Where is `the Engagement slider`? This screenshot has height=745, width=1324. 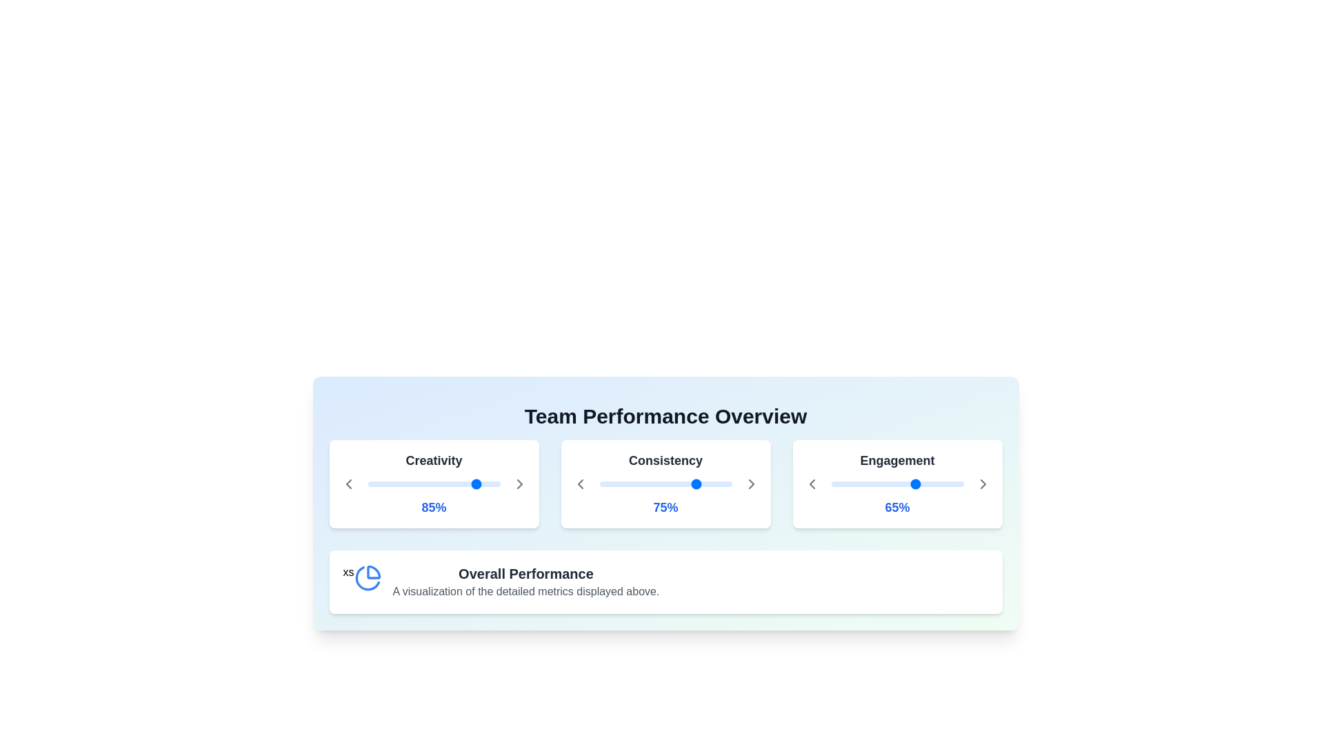
the Engagement slider is located at coordinates (934, 484).